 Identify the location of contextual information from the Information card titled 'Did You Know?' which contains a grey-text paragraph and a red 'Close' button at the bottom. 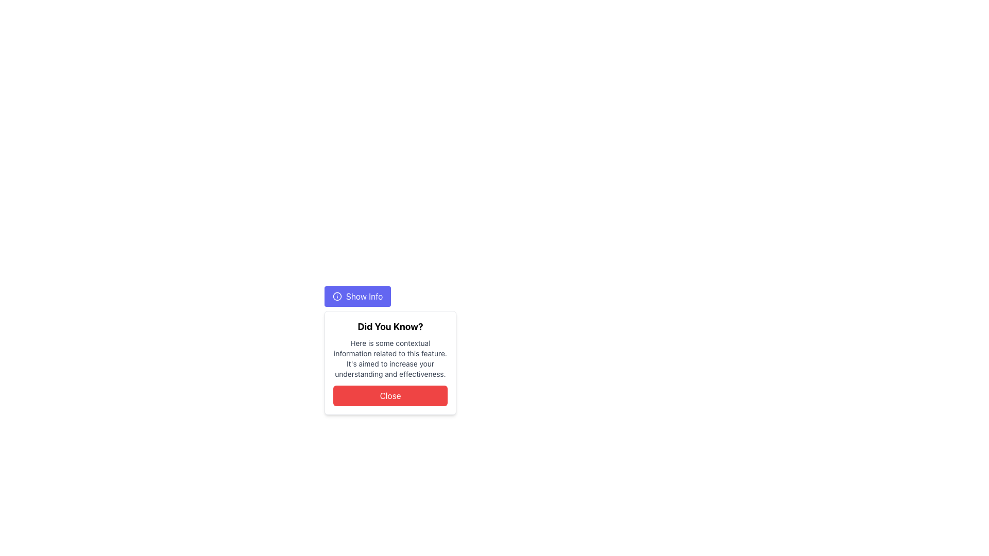
(445, 394).